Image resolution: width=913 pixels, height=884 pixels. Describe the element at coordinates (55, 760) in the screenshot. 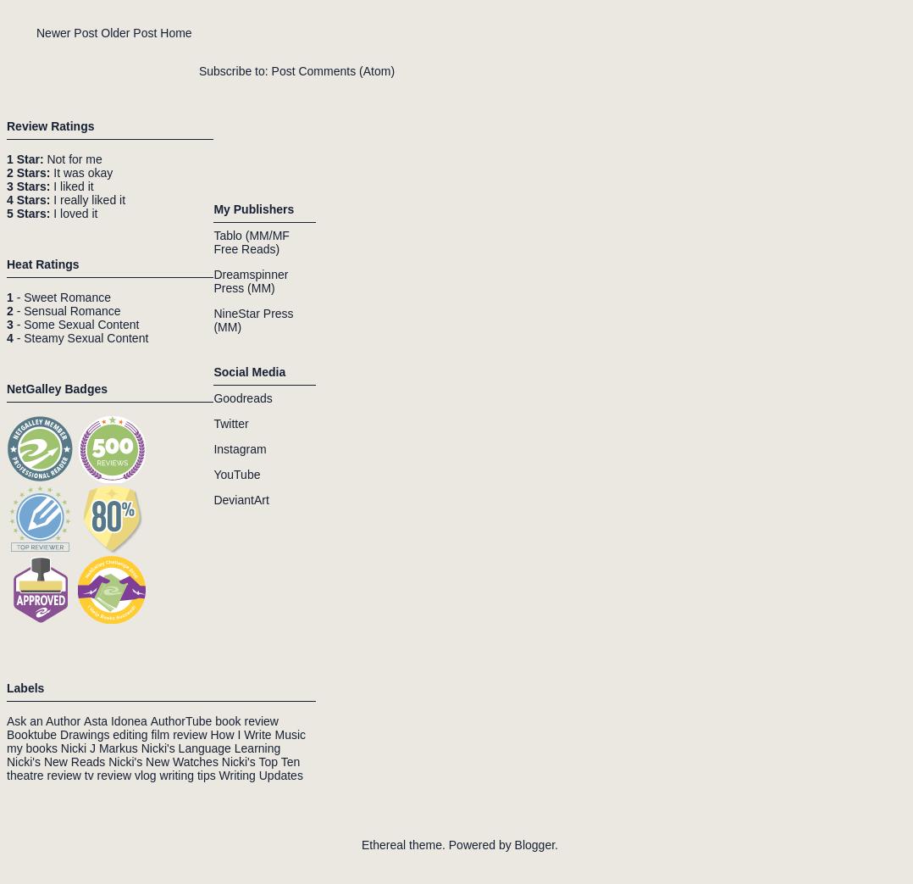

I see `'Nicki's New Reads'` at that location.